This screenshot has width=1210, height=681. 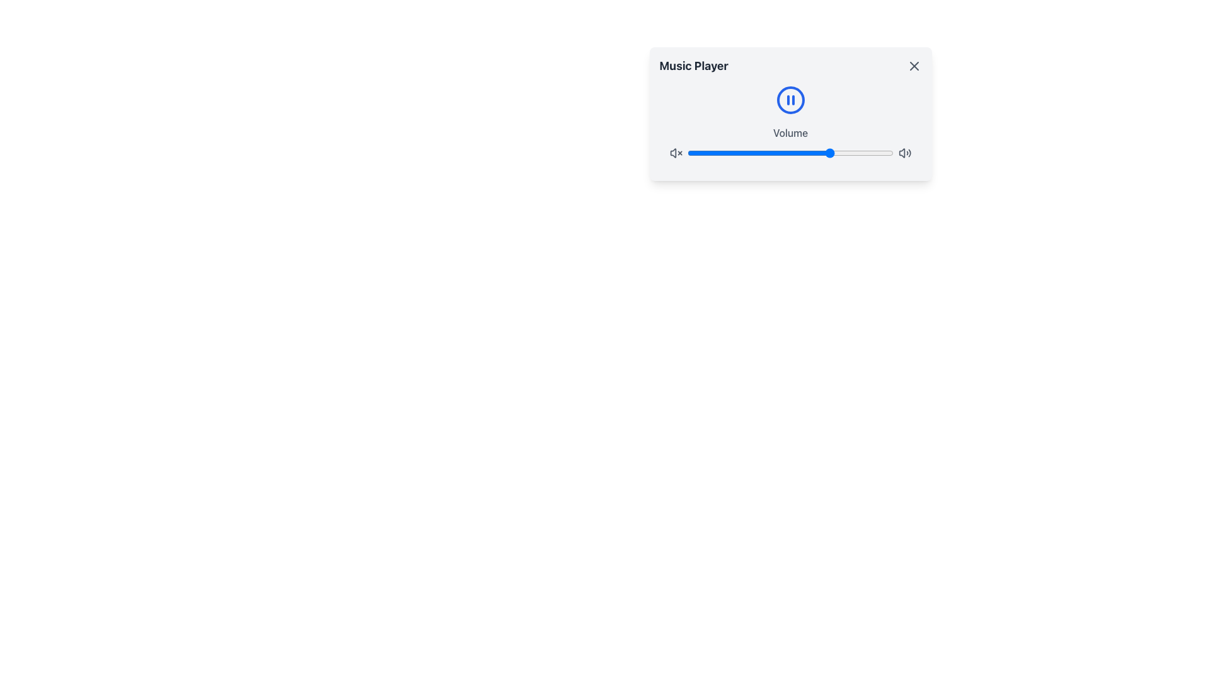 What do you see at coordinates (753, 153) in the screenshot?
I see `the volume slider` at bounding box center [753, 153].